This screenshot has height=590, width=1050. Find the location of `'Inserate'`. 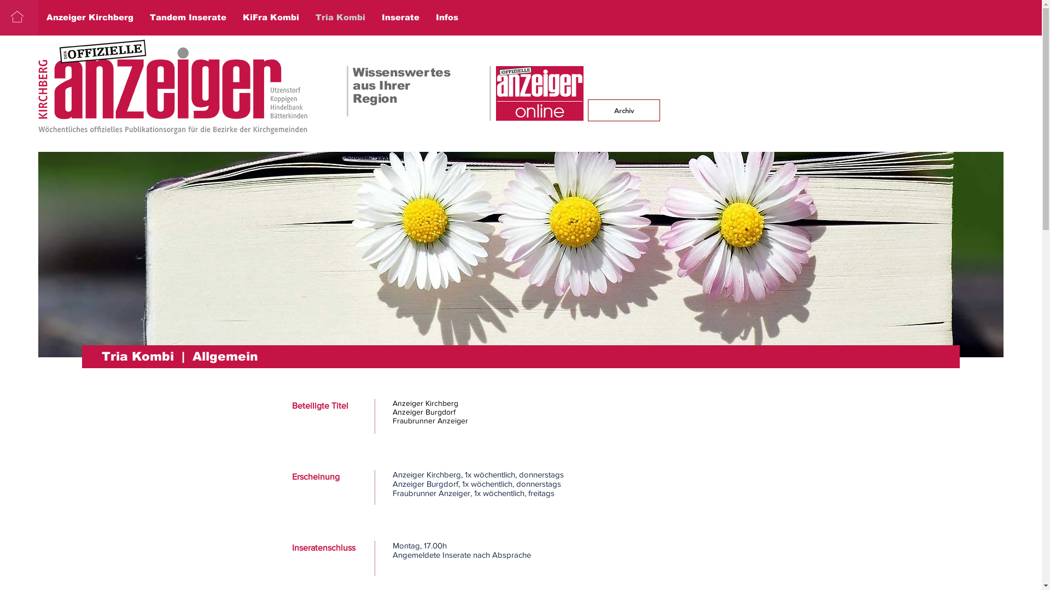

'Inserate' is located at coordinates (400, 17).